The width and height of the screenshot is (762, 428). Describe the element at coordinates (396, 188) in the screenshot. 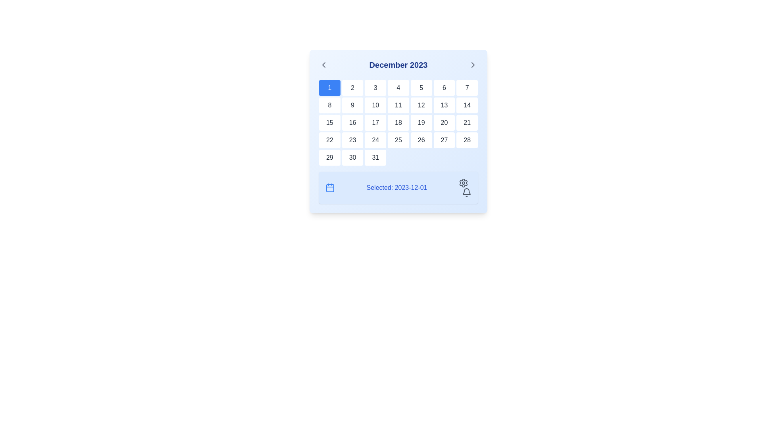

I see `the Text Label that displays the currently selected date in the calendar, located at the bottom section of the calendar interface` at that location.